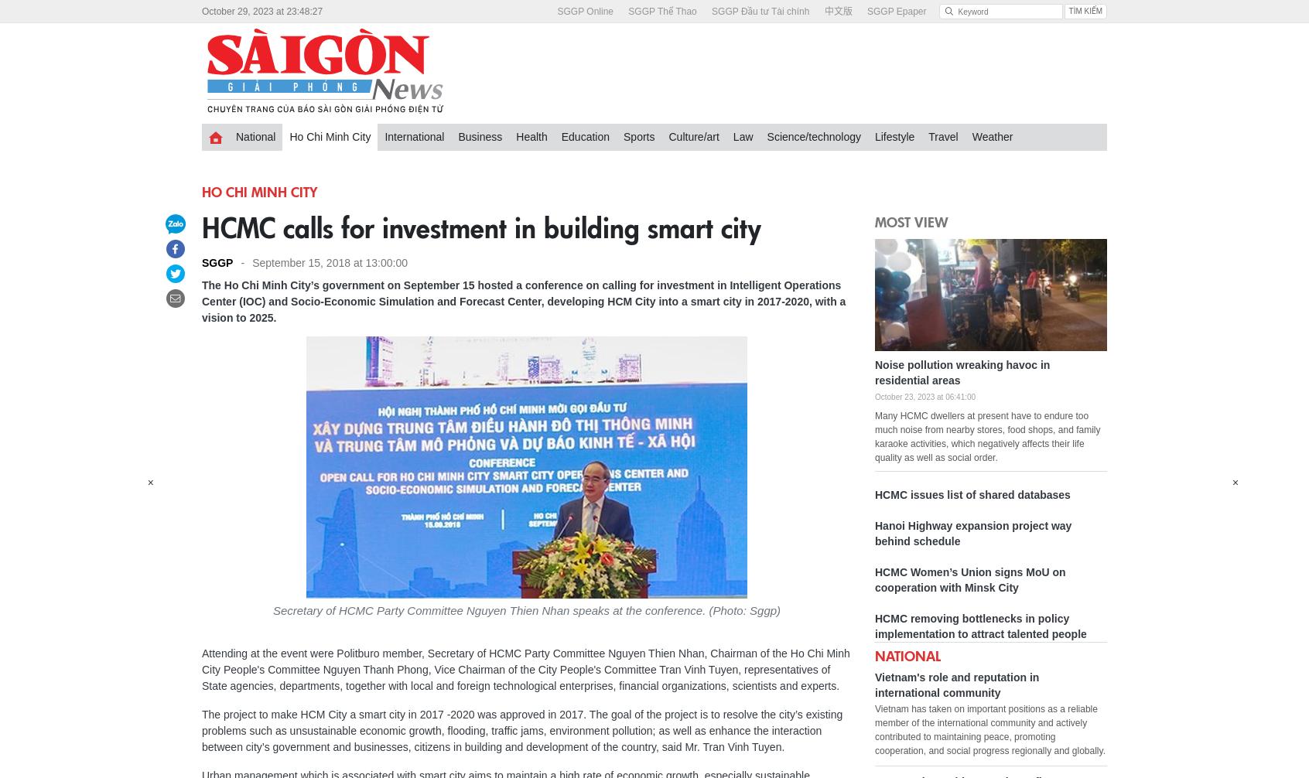 The height and width of the screenshot is (778, 1309). Describe the element at coordinates (925, 397) in the screenshot. I see `'October 23, 2023 at 06:41:00'` at that location.